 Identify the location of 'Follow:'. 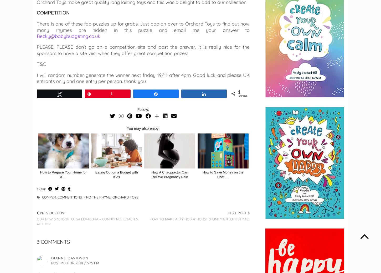
(143, 109).